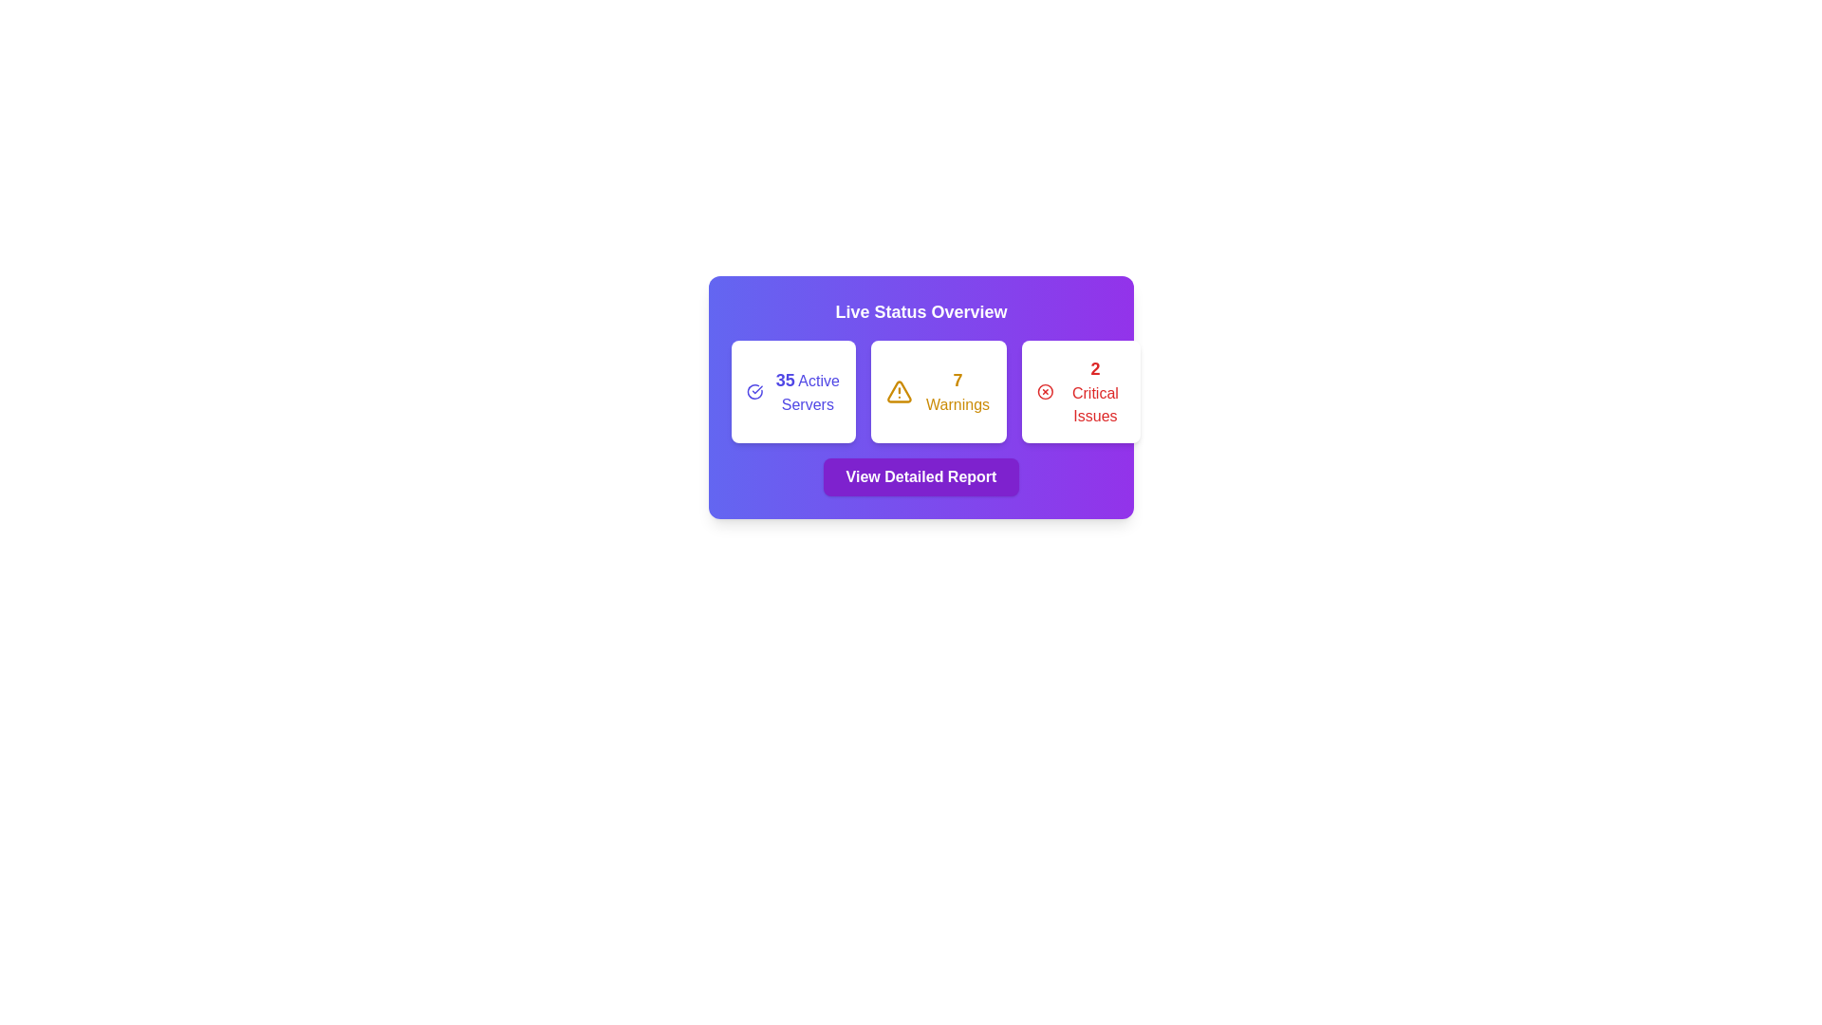  What do you see at coordinates (808, 390) in the screenshot?
I see `the 'Active Servers' status display text located on the white rectangular card in the 'Live Status Overview' panel, positioned at the top-left of the group of status indicators` at bounding box center [808, 390].